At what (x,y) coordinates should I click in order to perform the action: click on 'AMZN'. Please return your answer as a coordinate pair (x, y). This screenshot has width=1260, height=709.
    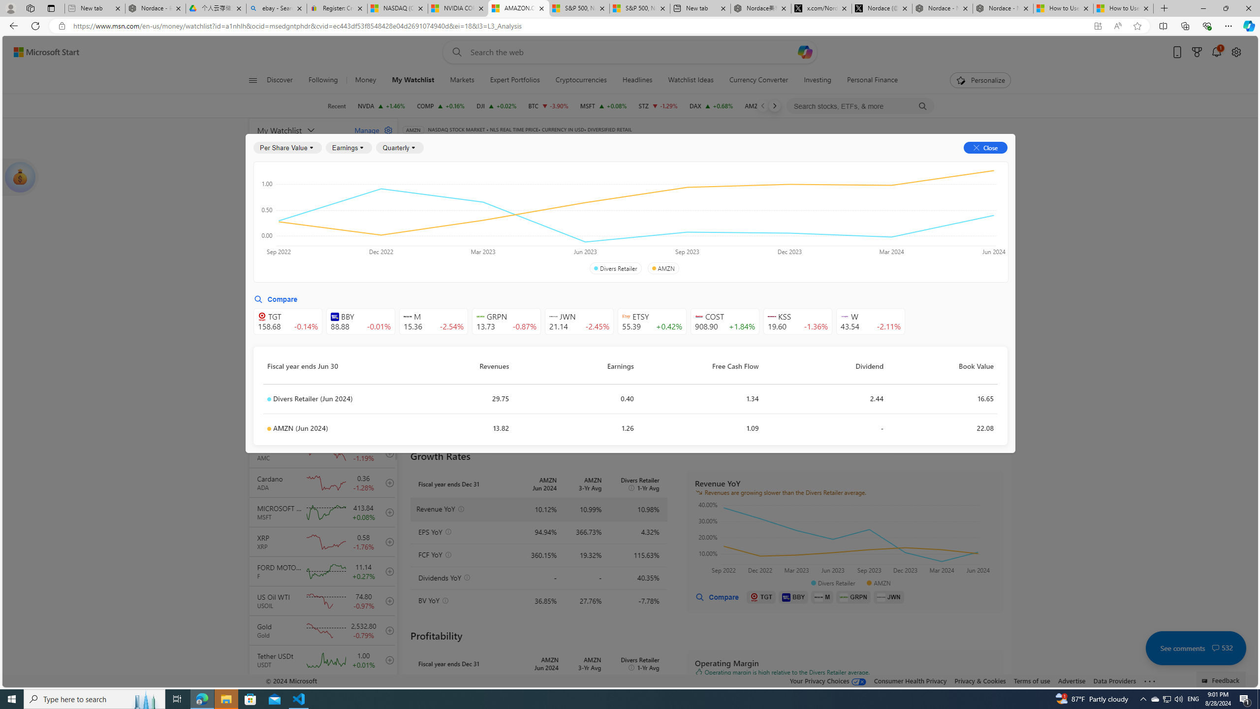
    Looking at the image, I should click on (662, 268).